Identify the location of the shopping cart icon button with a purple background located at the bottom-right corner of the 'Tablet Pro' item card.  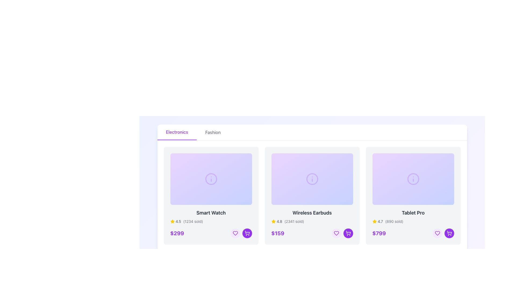
(449, 233).